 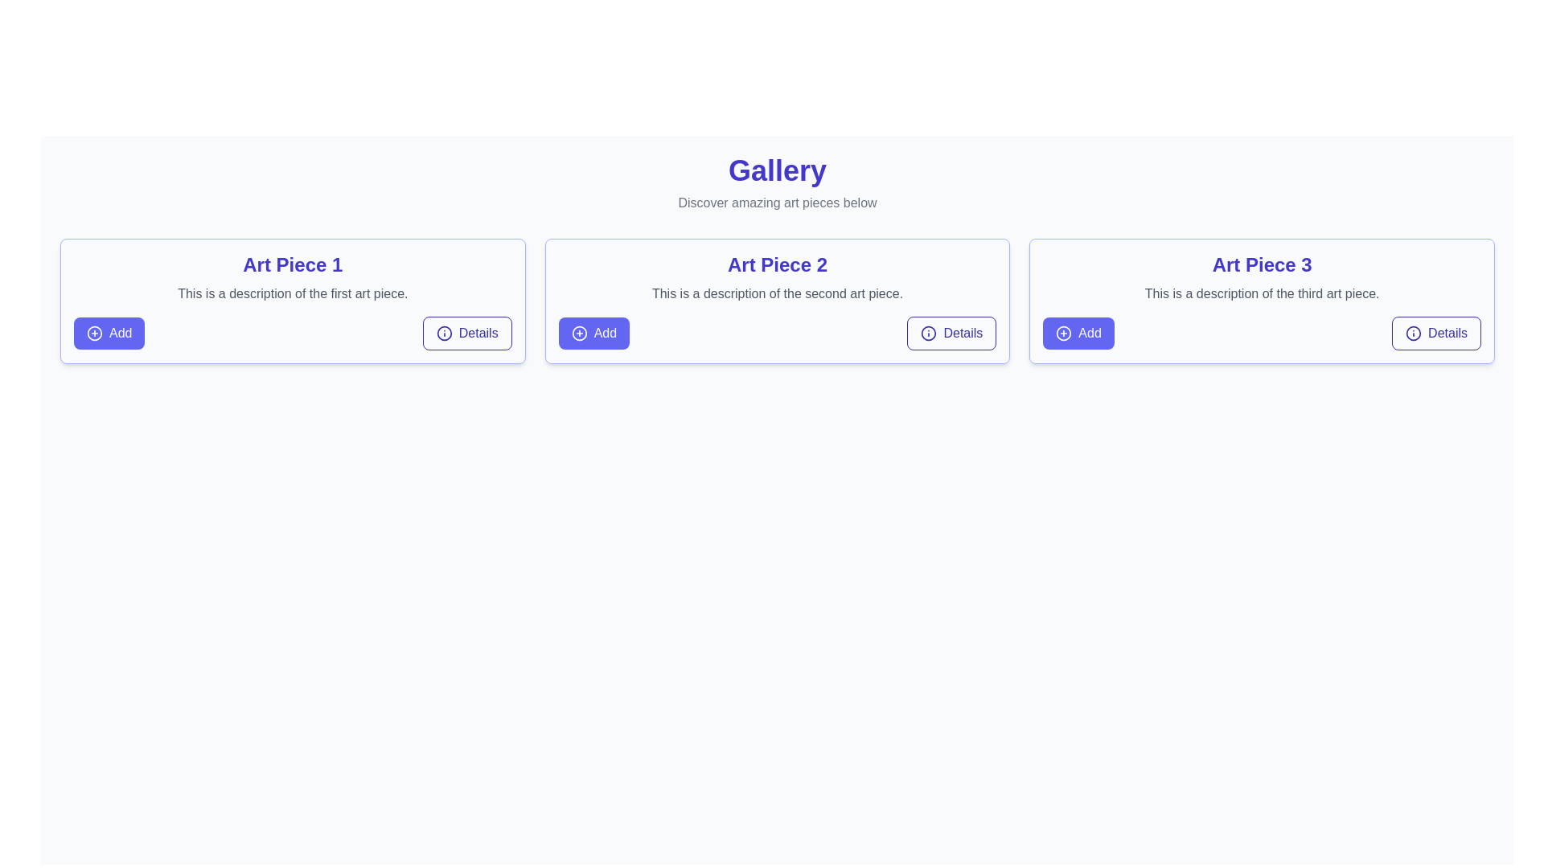 What do you see at coordinates (1436, 333) in the screenshot?
I see `the 'Details' button with an indigo outline and an 'info' icon` at bounding box center [1436, 333].